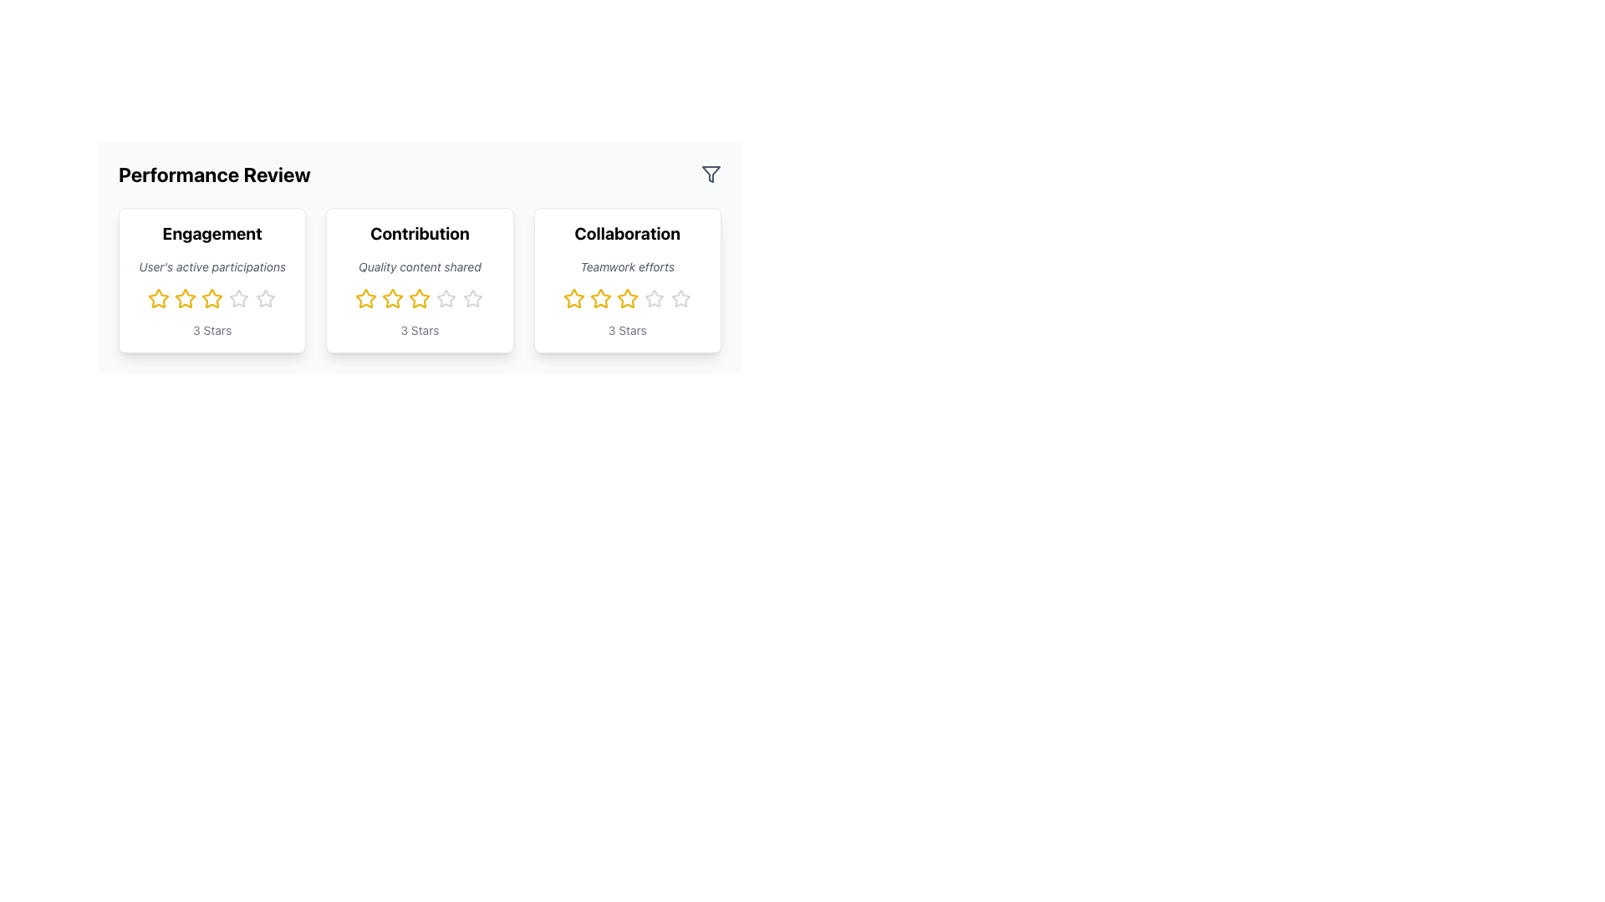 This screenshot has height=902, width=1605. I want to click on the third star icon in the Collaboration category, so click(600, 298).